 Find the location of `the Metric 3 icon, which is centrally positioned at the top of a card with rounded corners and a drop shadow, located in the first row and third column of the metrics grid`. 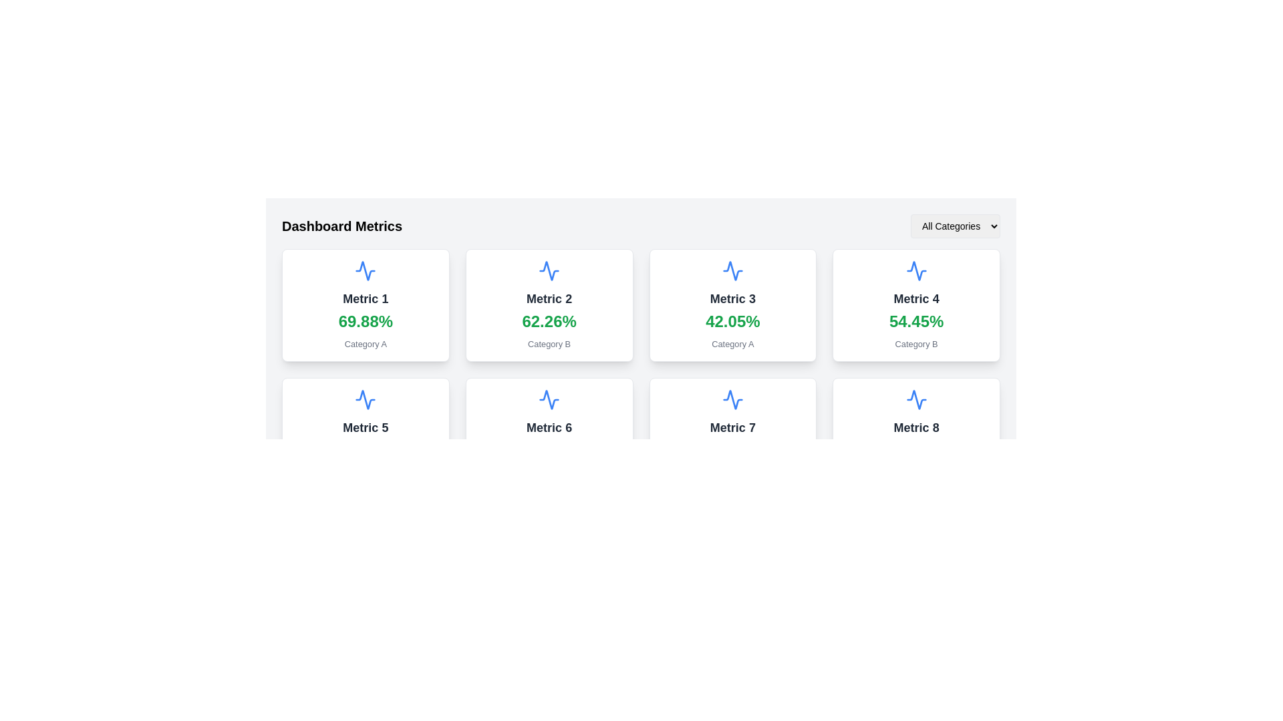

the Metric 3 icon, which is centrally positioned at the top of a card with rounded corners and a drop shadow, located in the first row and third column of the metrics grid is located at coordinates (732, 270).